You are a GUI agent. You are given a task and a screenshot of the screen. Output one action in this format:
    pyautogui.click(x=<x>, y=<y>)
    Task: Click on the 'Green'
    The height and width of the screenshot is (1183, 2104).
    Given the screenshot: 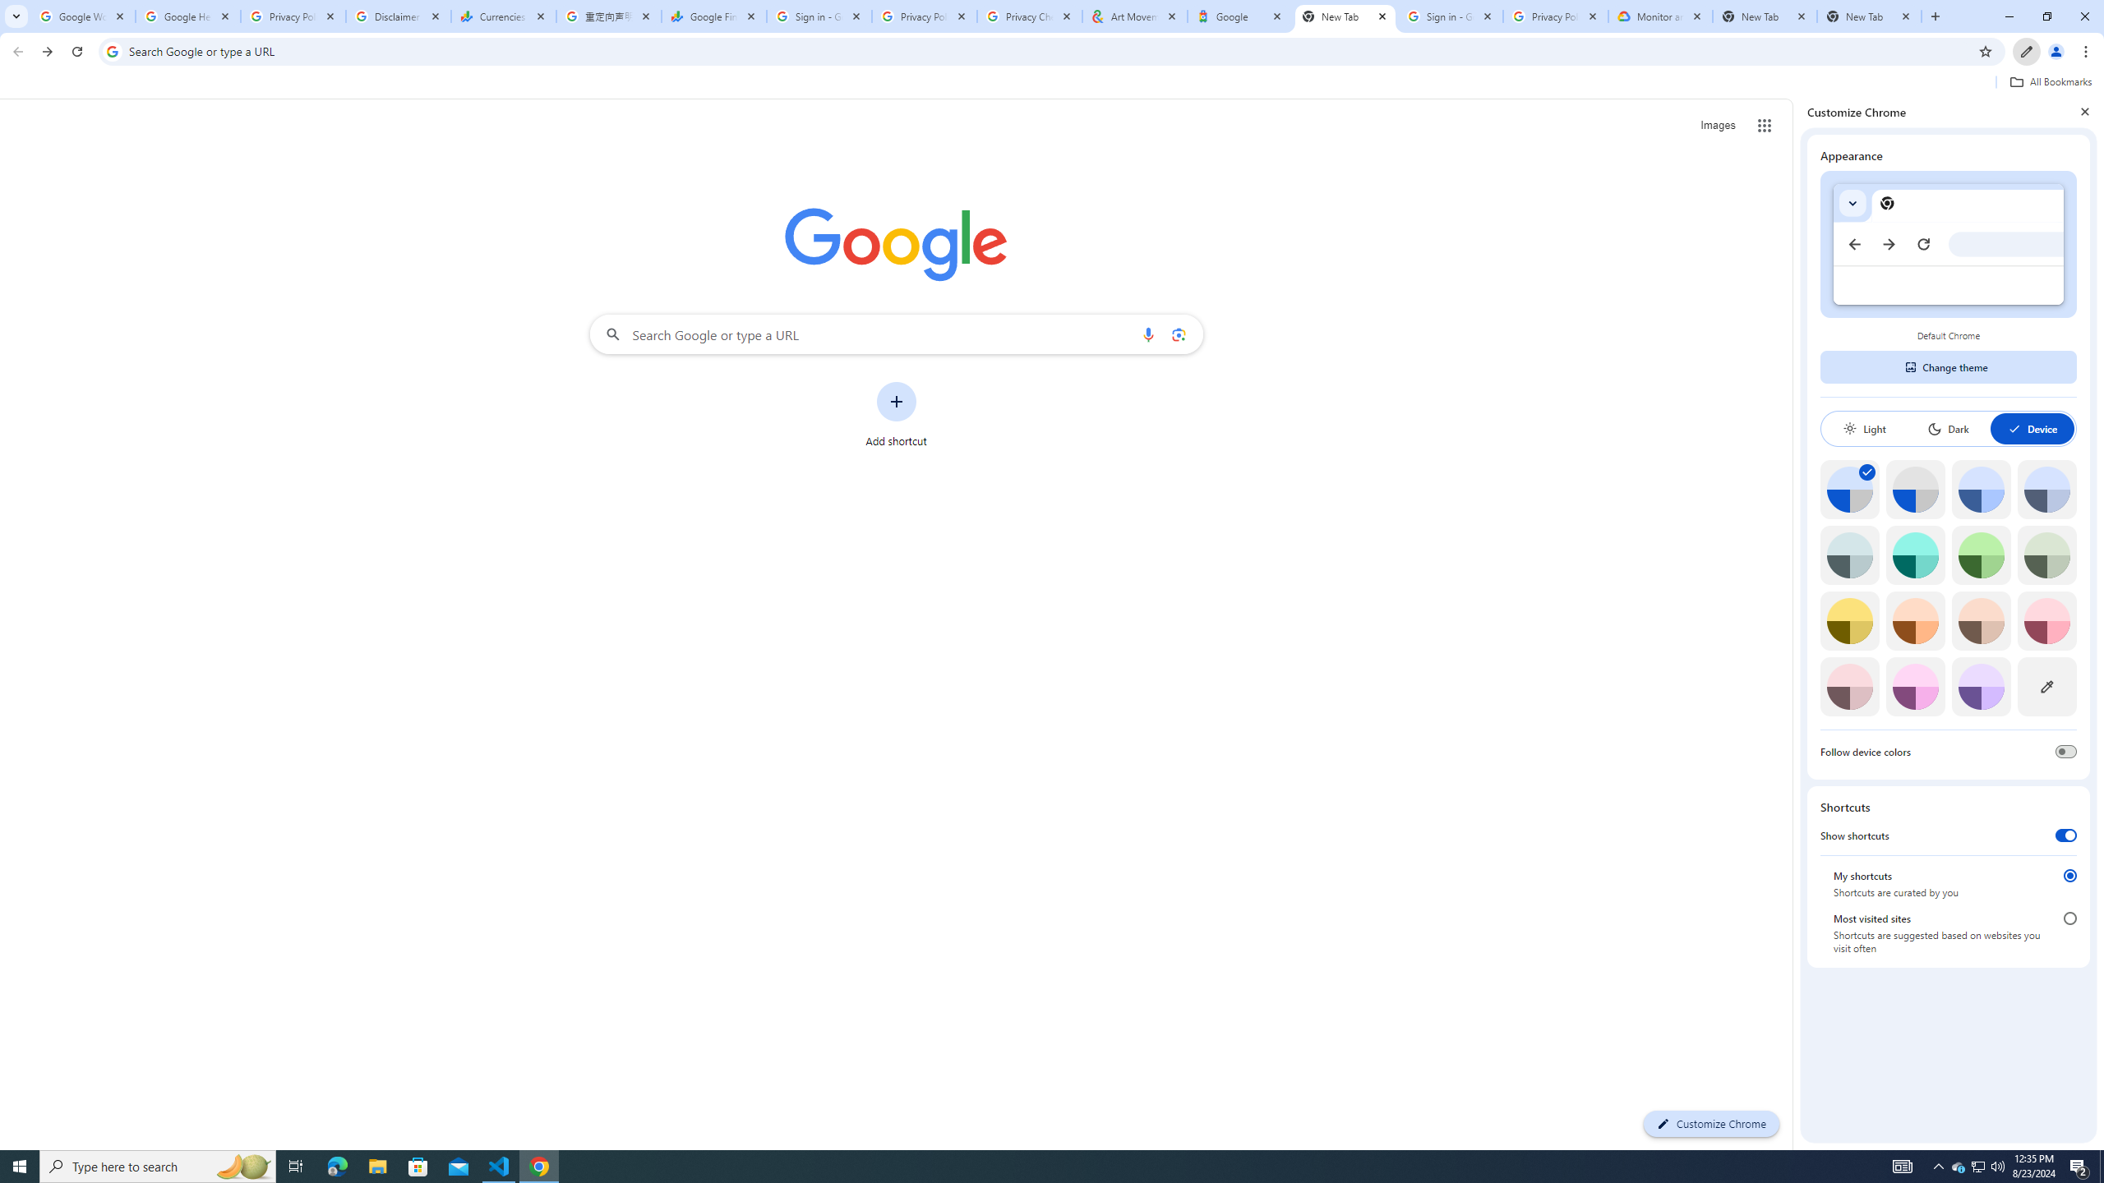 What is the action you would take?
    pyautogui.click(x=1981, y=554)
    